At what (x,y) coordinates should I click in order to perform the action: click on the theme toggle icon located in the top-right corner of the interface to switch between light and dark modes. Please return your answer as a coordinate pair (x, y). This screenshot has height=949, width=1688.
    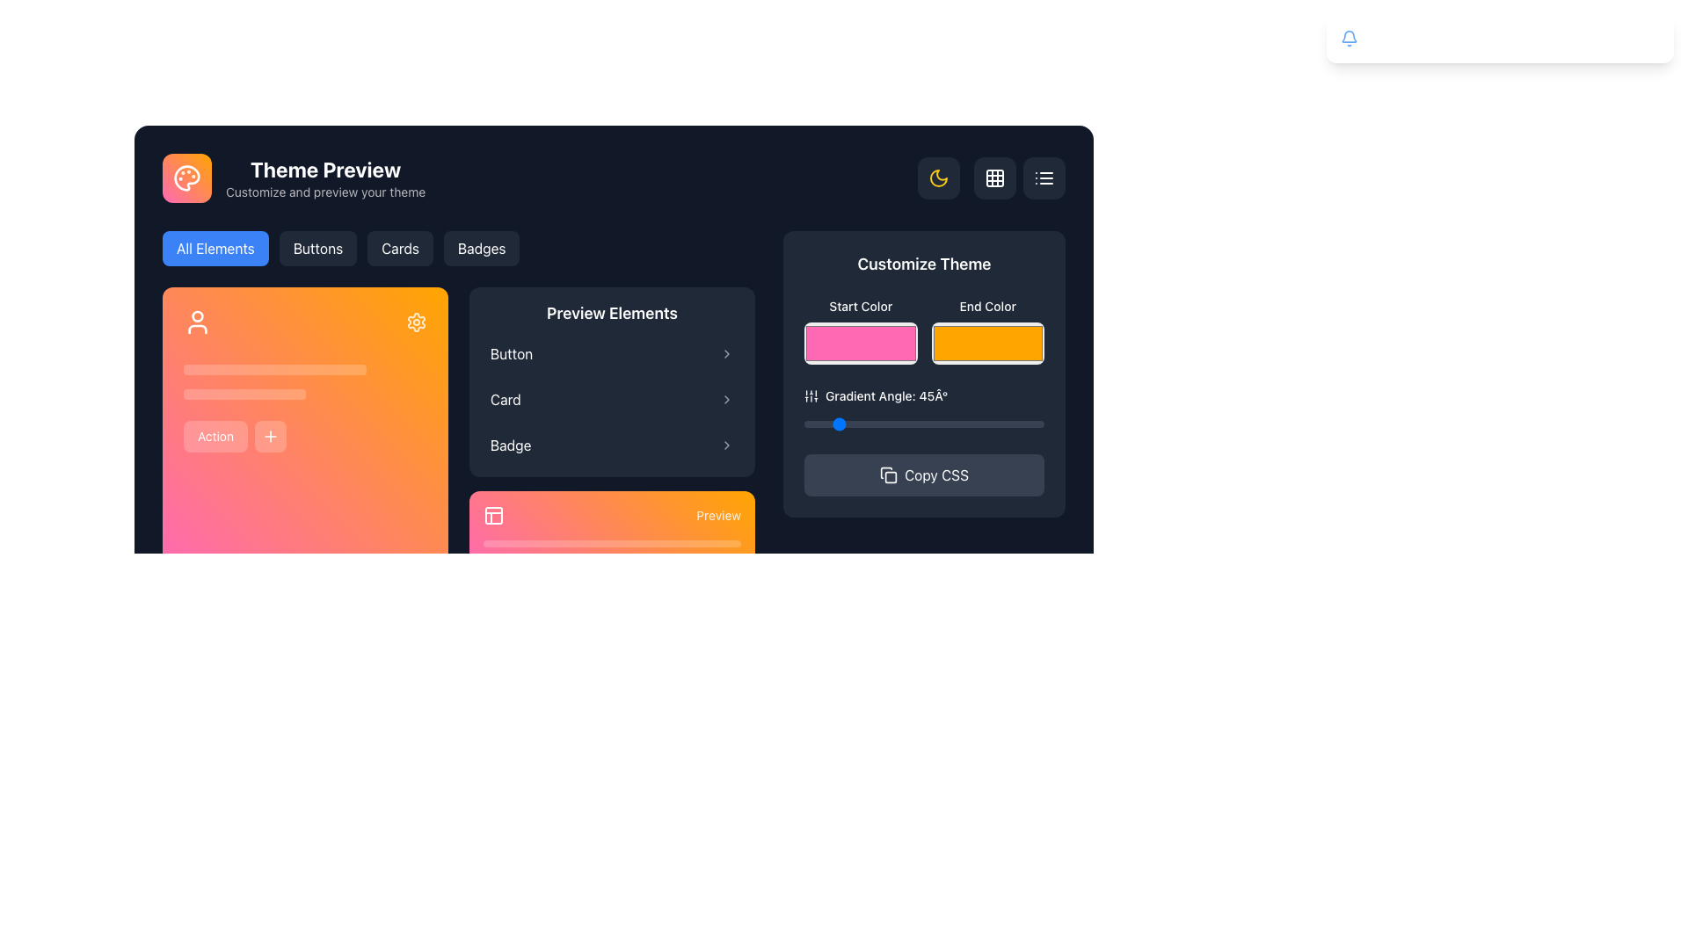
    Looking at the image, I should click on (938, 178).